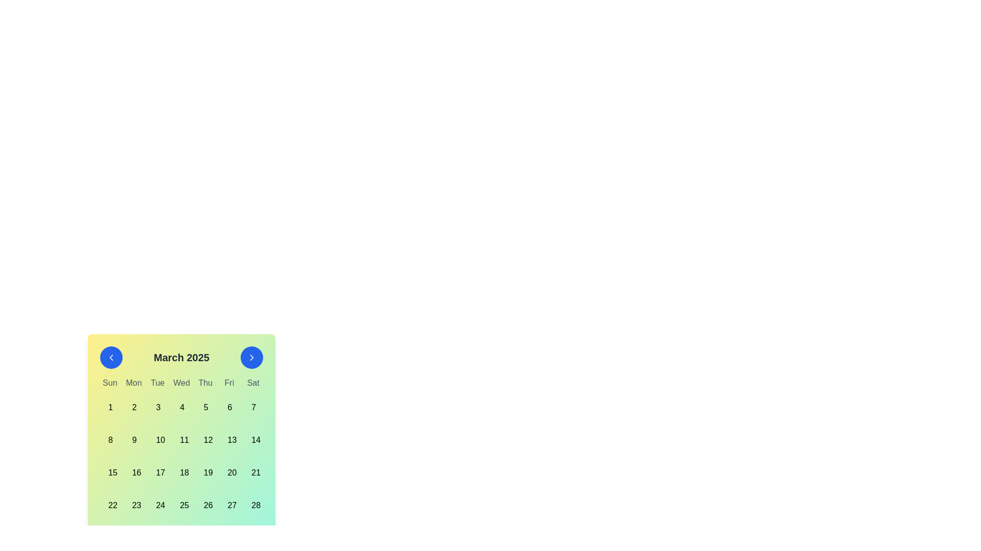 Image resolution: width=981 pixels, height=551 pixels. What do you see at coordinates (110, 472) in the screenshot?
I see `the non-interactive label representing the date '15' in the March 2025 calendar, located in the first column of the third week (Sunday)` at bounding box center [110, 472].